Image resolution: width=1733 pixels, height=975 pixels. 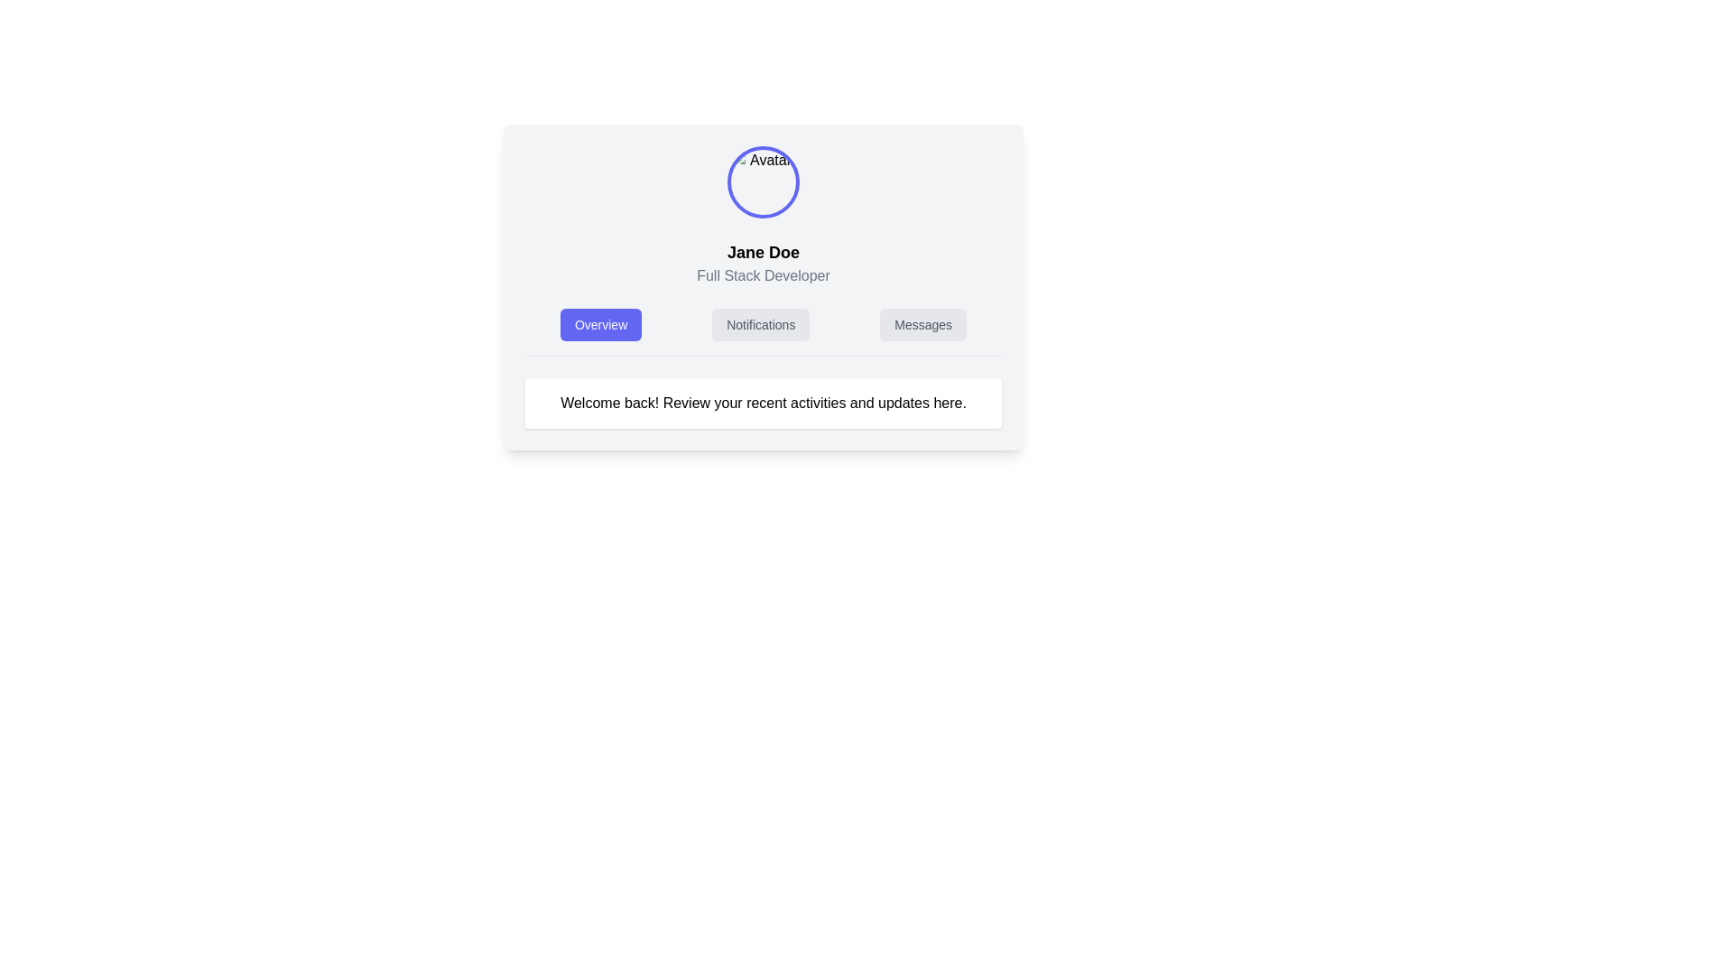 I want to click on text label that contains 'Welcome back! Review your recent activities and updates here.' positioned within the bottom region of a light-colored card interface, so click(x=763, y=403).